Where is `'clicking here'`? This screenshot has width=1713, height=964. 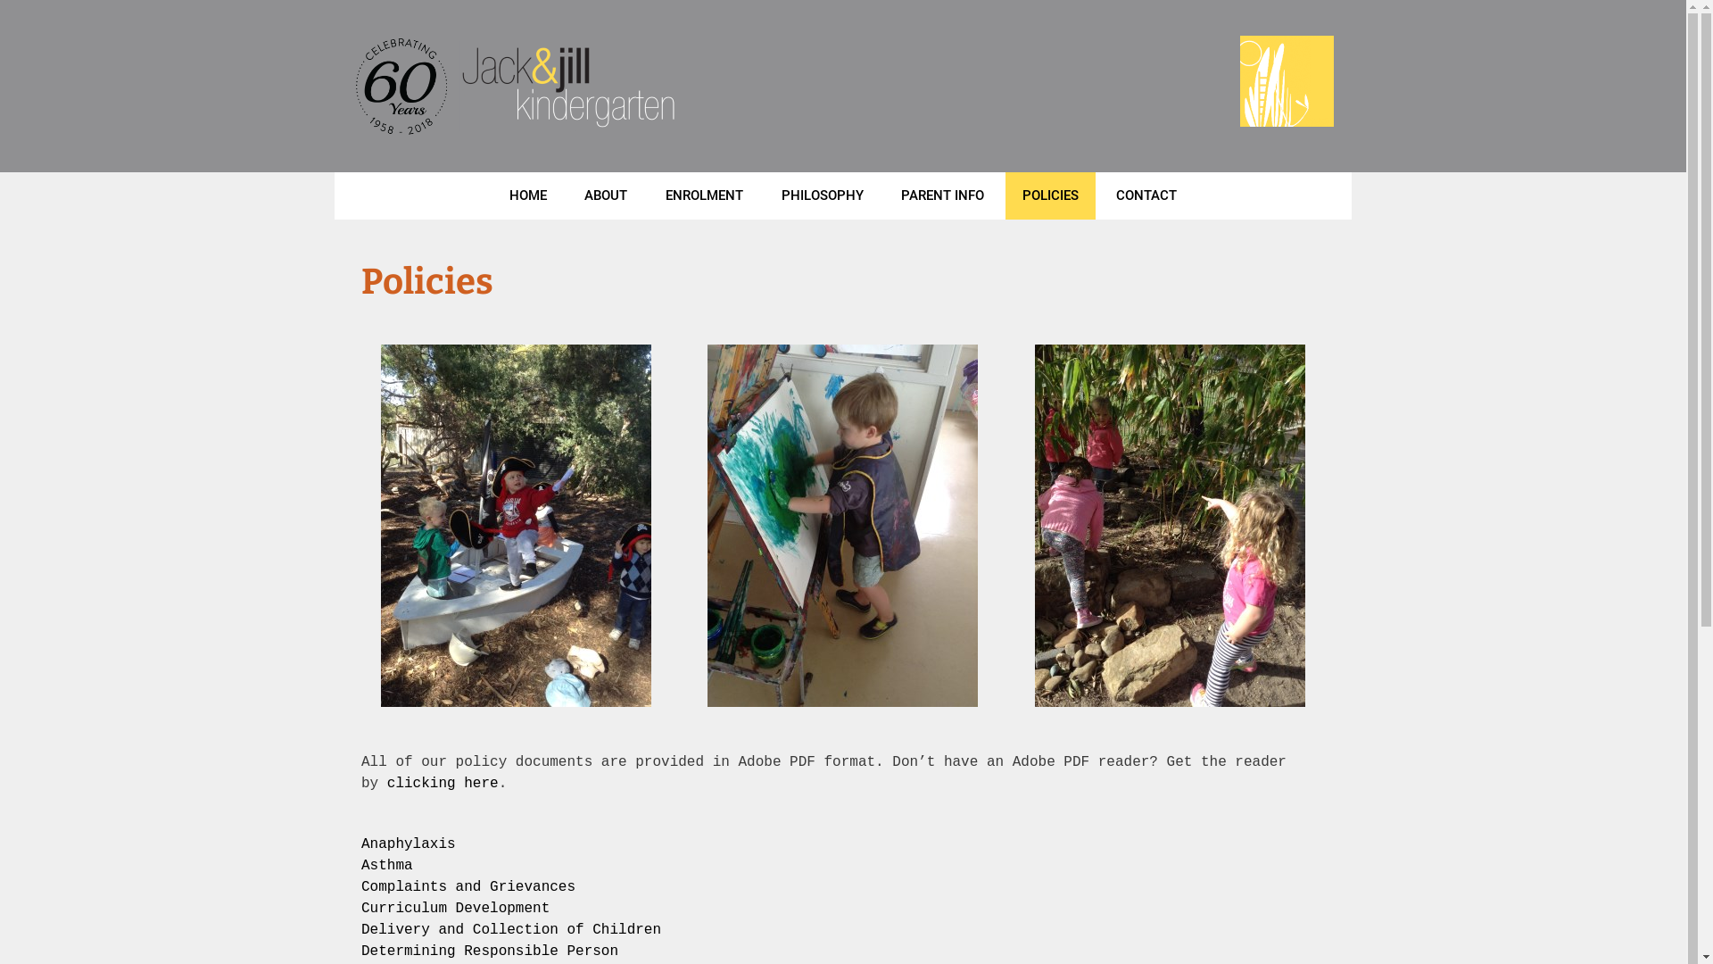 'clicking here' is located at coordinates (385, 783).